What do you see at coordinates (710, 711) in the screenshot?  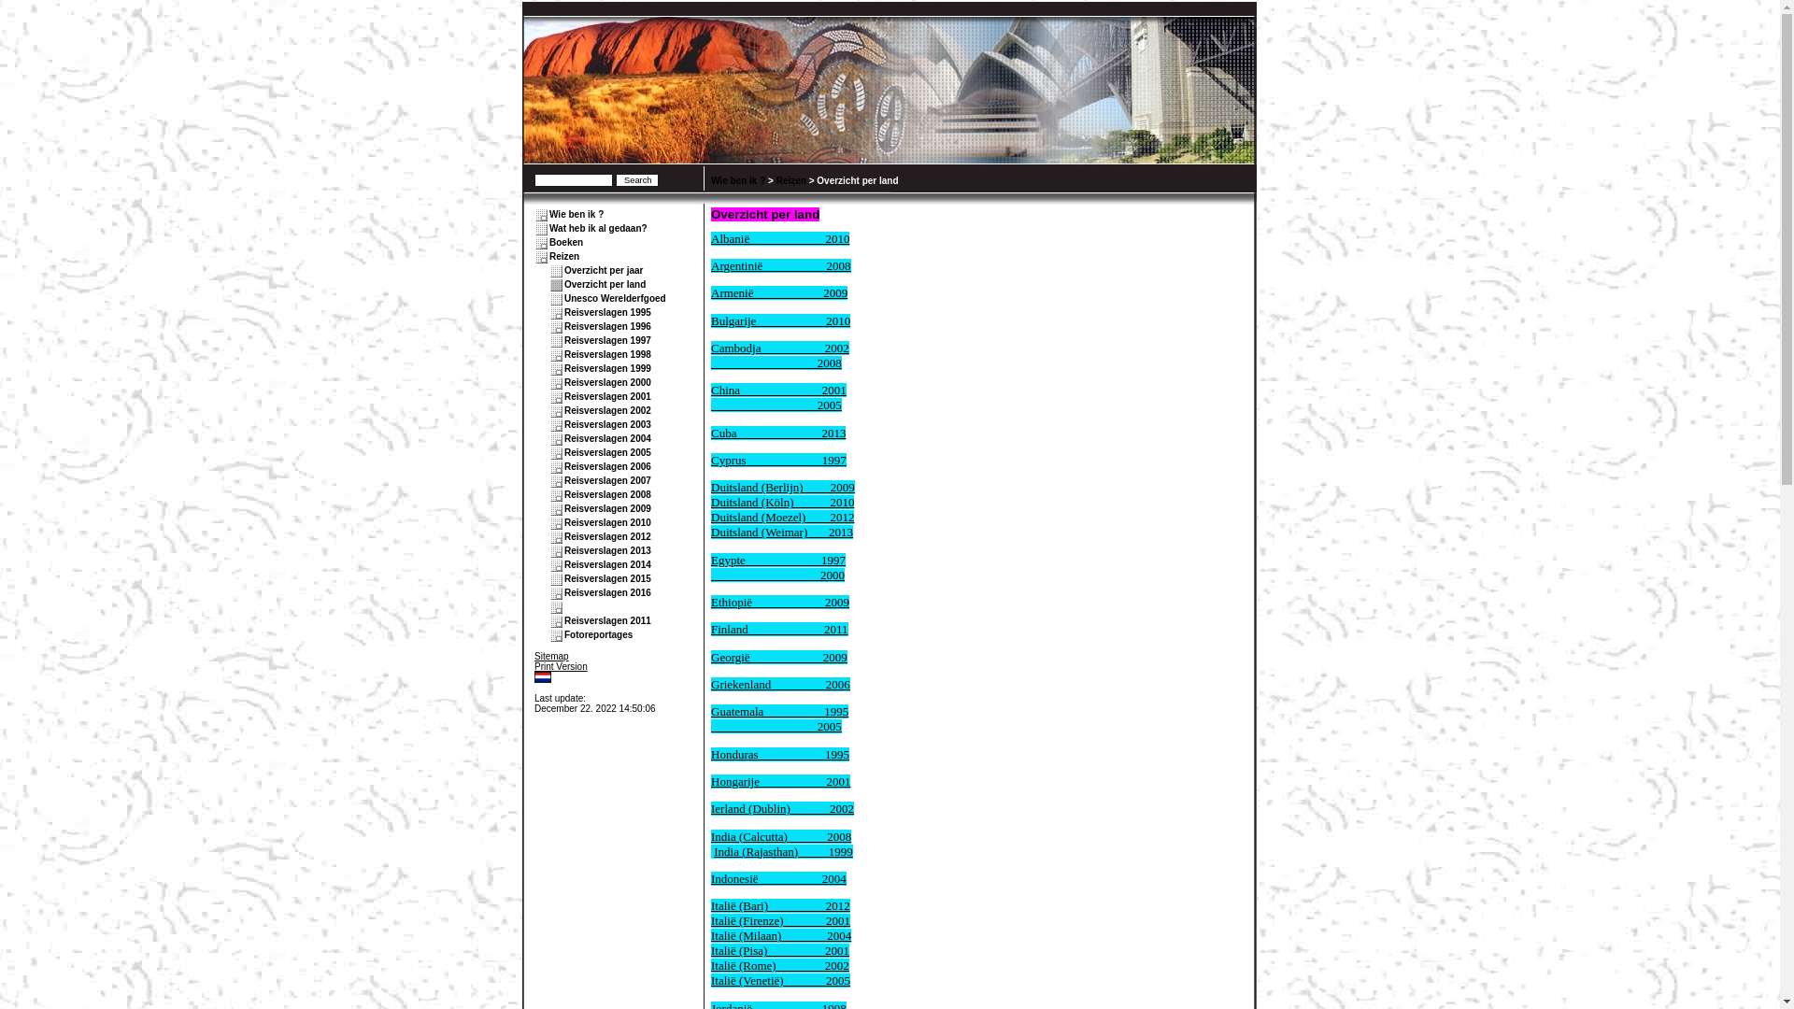 I see `'Guatemala                    1995'` at bounding box center [710, 711].